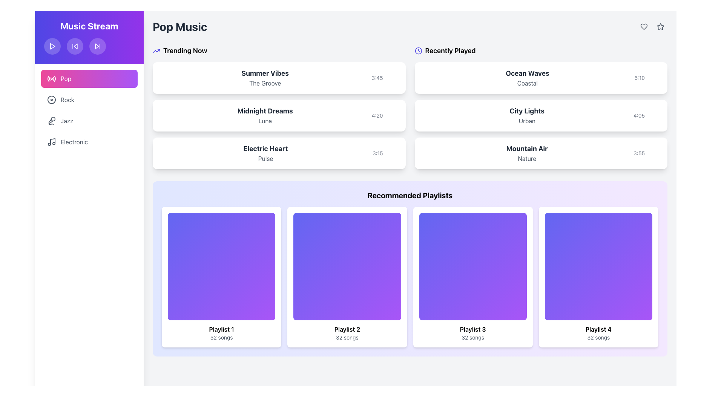 This screenshot has width=724, height=407. What do you see at coordinates (526, 111) in the screenshot?
I see `the title text label representing a song or playlist in the 'Recently Played' section, located above the subtitle 'Urban' and to the left of the timestamp '4:05'` at bounding box center [526, 111].